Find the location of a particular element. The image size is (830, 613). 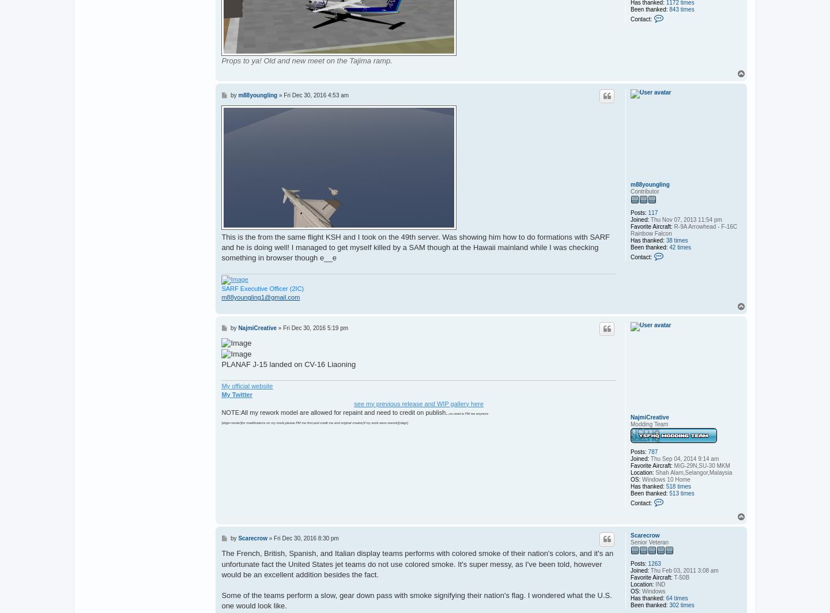

'My official website' is located at coordinates (247, 385).